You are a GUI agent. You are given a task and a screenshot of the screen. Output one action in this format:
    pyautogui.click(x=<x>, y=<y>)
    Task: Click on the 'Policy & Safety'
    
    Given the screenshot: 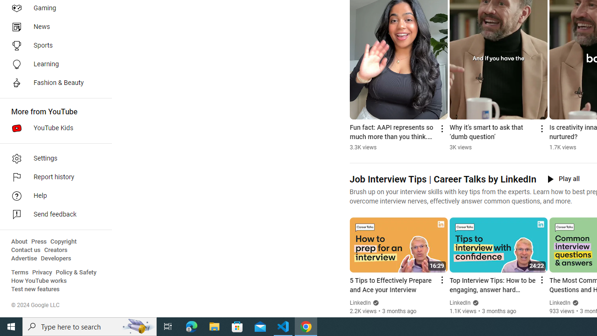 What is the action you would take?
    pyautogui.click(x=76, y=273)
    